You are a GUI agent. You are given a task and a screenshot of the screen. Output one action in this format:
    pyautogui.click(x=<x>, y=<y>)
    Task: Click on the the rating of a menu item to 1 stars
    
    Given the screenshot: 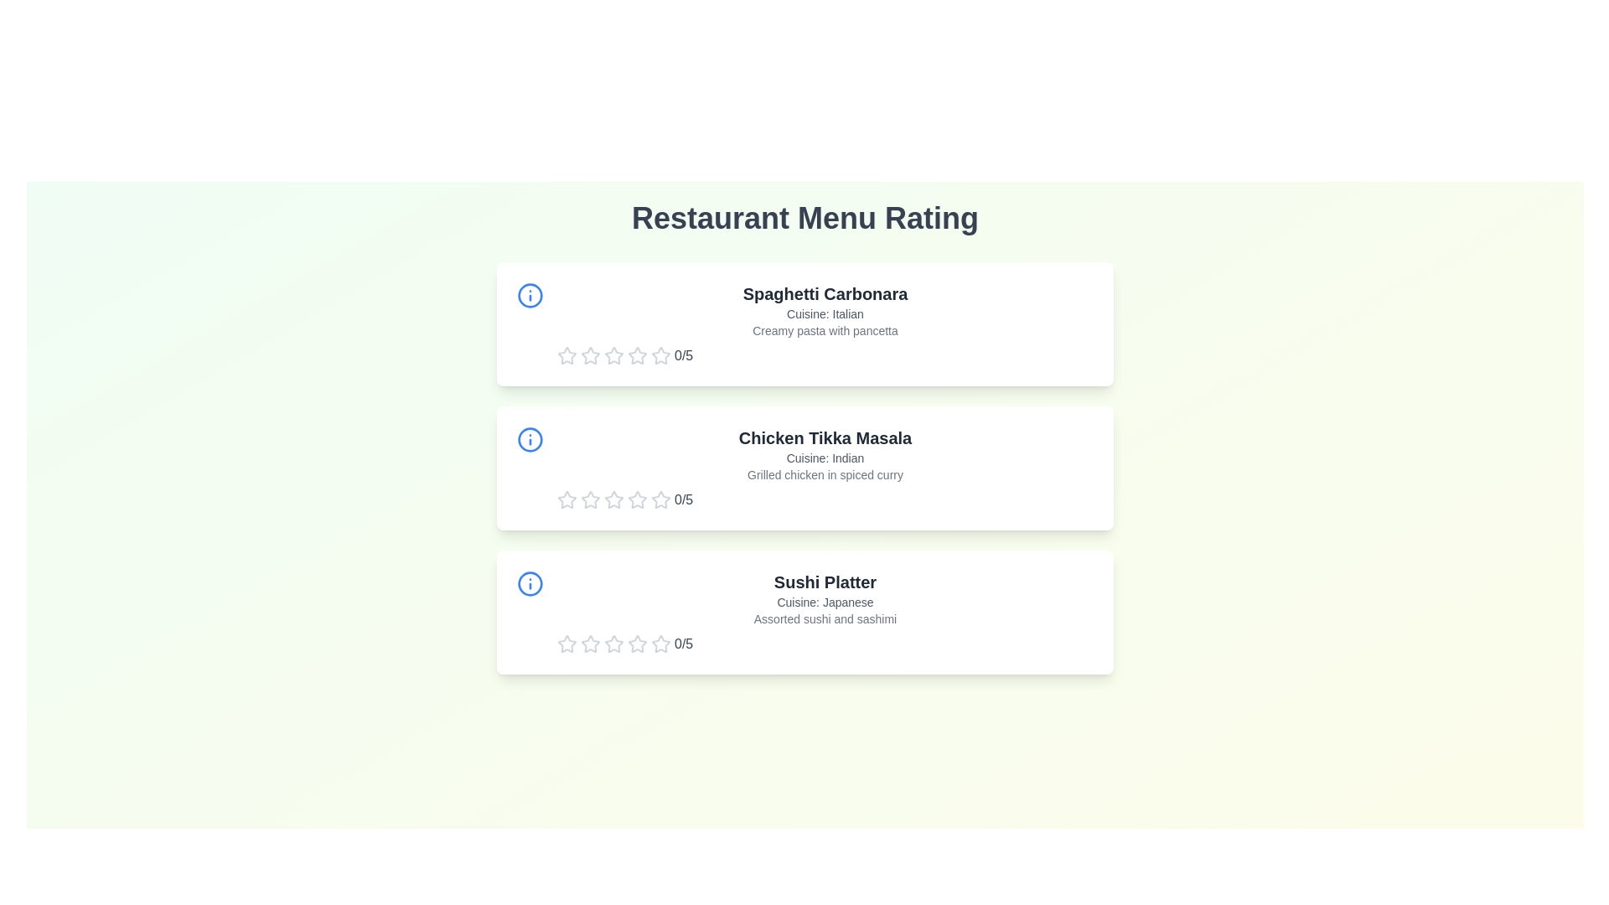 What is the action you would take?
    pyautogui.click(x=567, y=354)
    